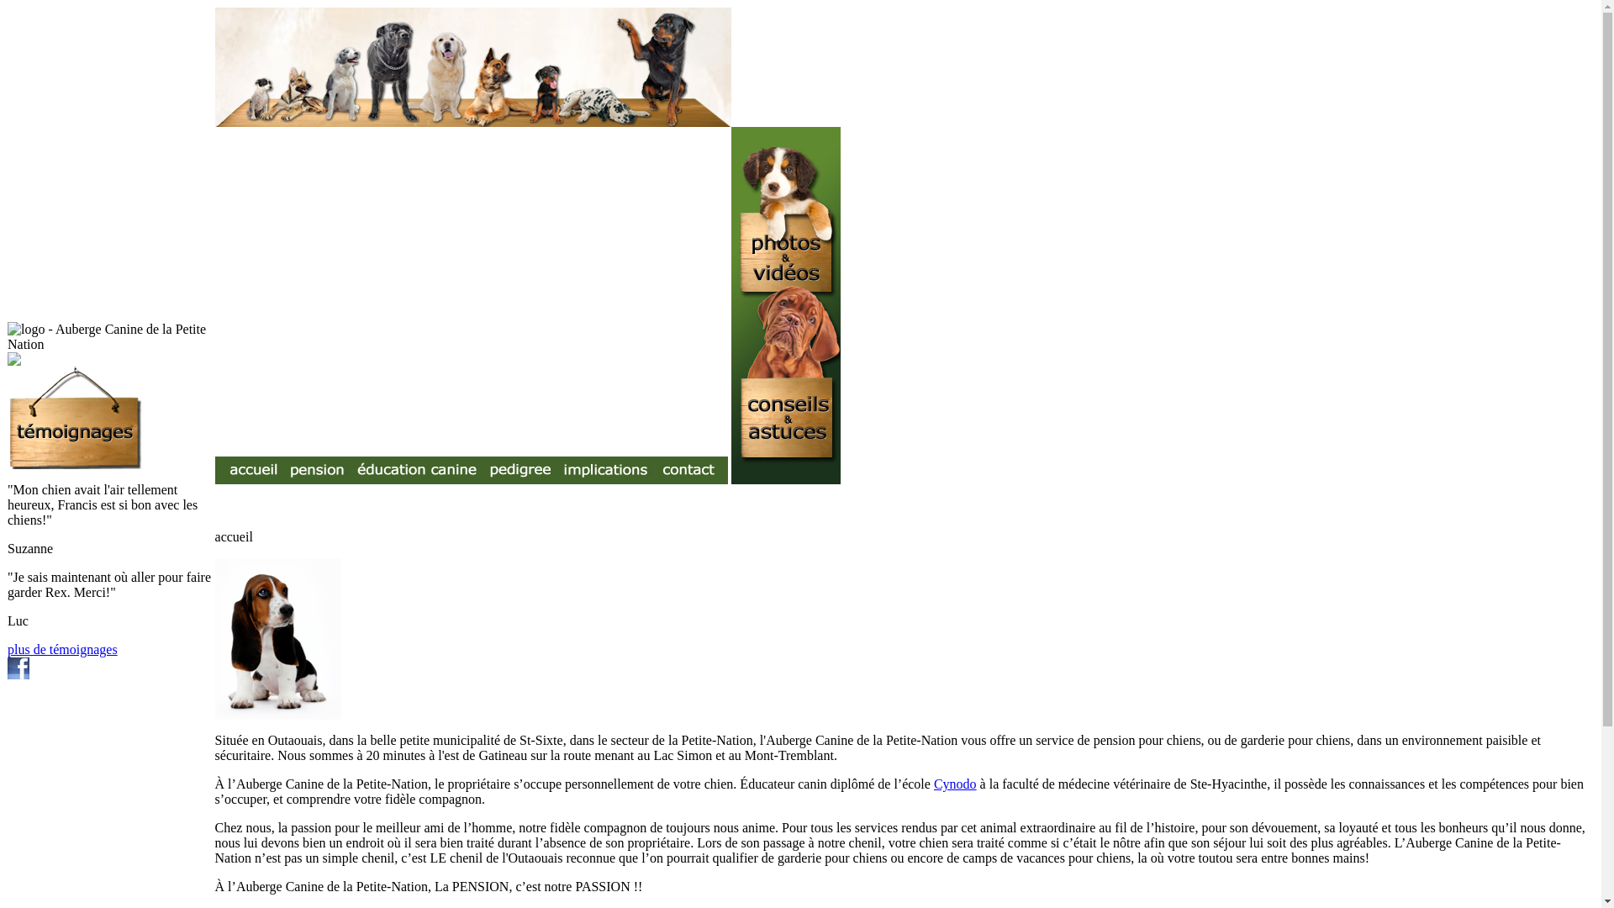 The width and height of the screenshot is (1614, 908). Describe the element at coordinates (955, 784) in the screenshot. I see `'Cynodo'` at that location.